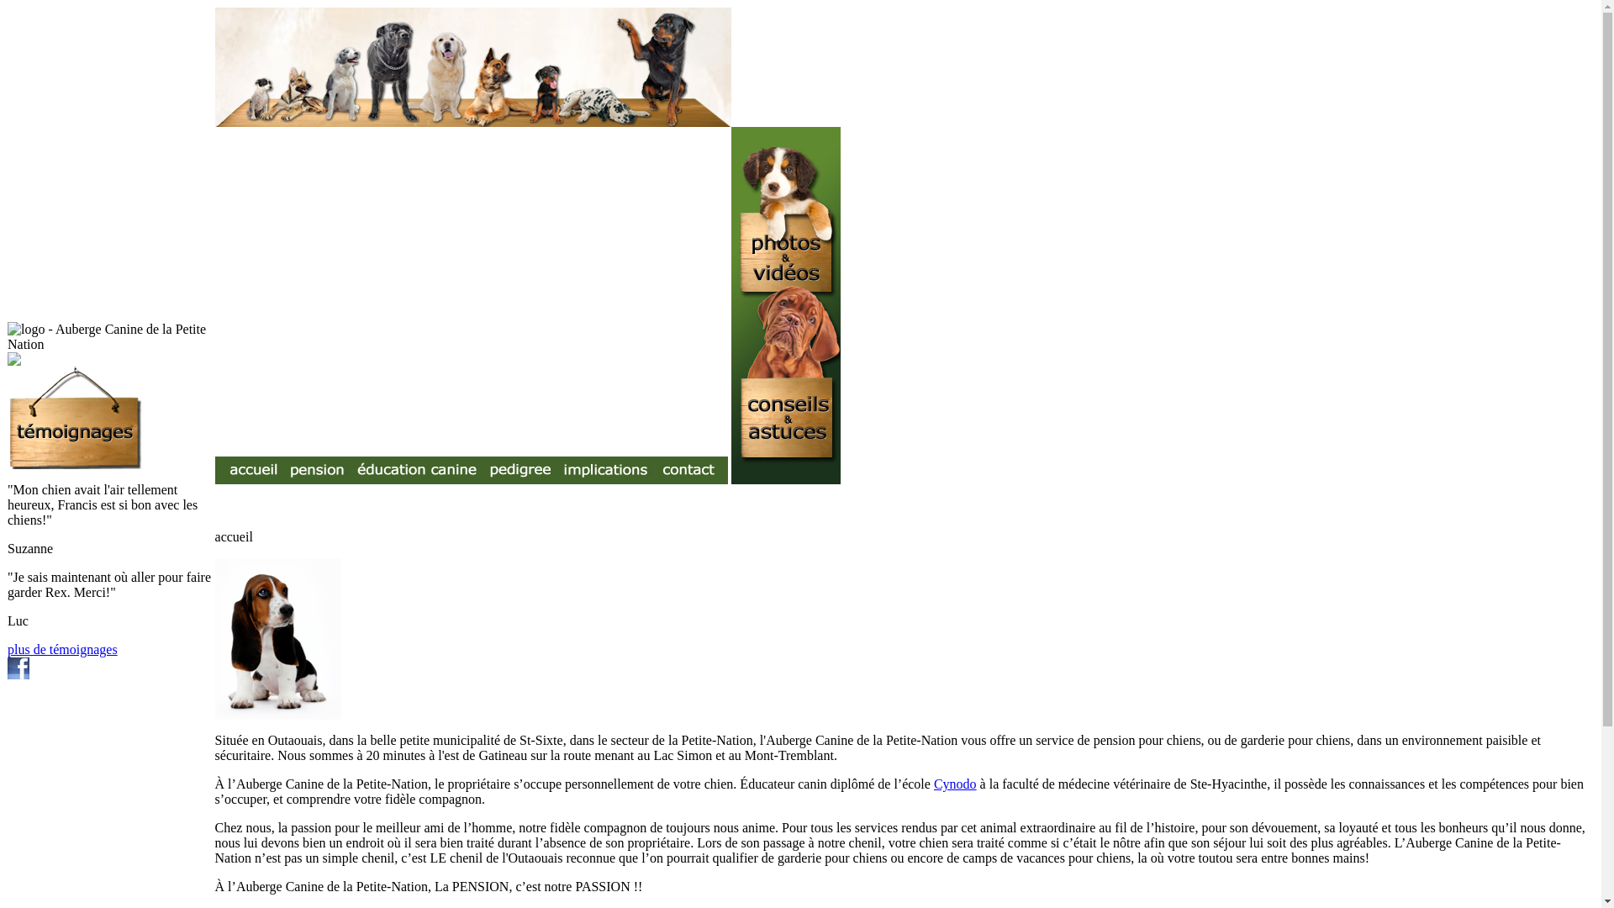 The width and height of the screenshot is (1614, 908). Describe the element at coordinates (955, 784) in the screenshot. I see `'Cynodo'` at that location.